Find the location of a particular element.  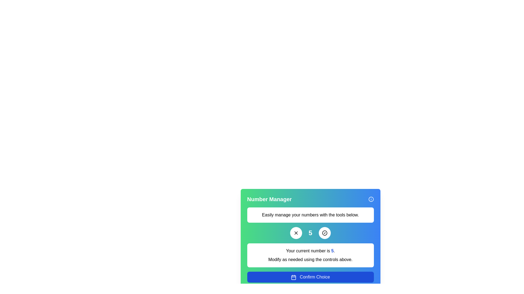

the close/reset button located to the left of the numeric input field labeled '5' to reset the numeric value is located at coordinates (296, 233).